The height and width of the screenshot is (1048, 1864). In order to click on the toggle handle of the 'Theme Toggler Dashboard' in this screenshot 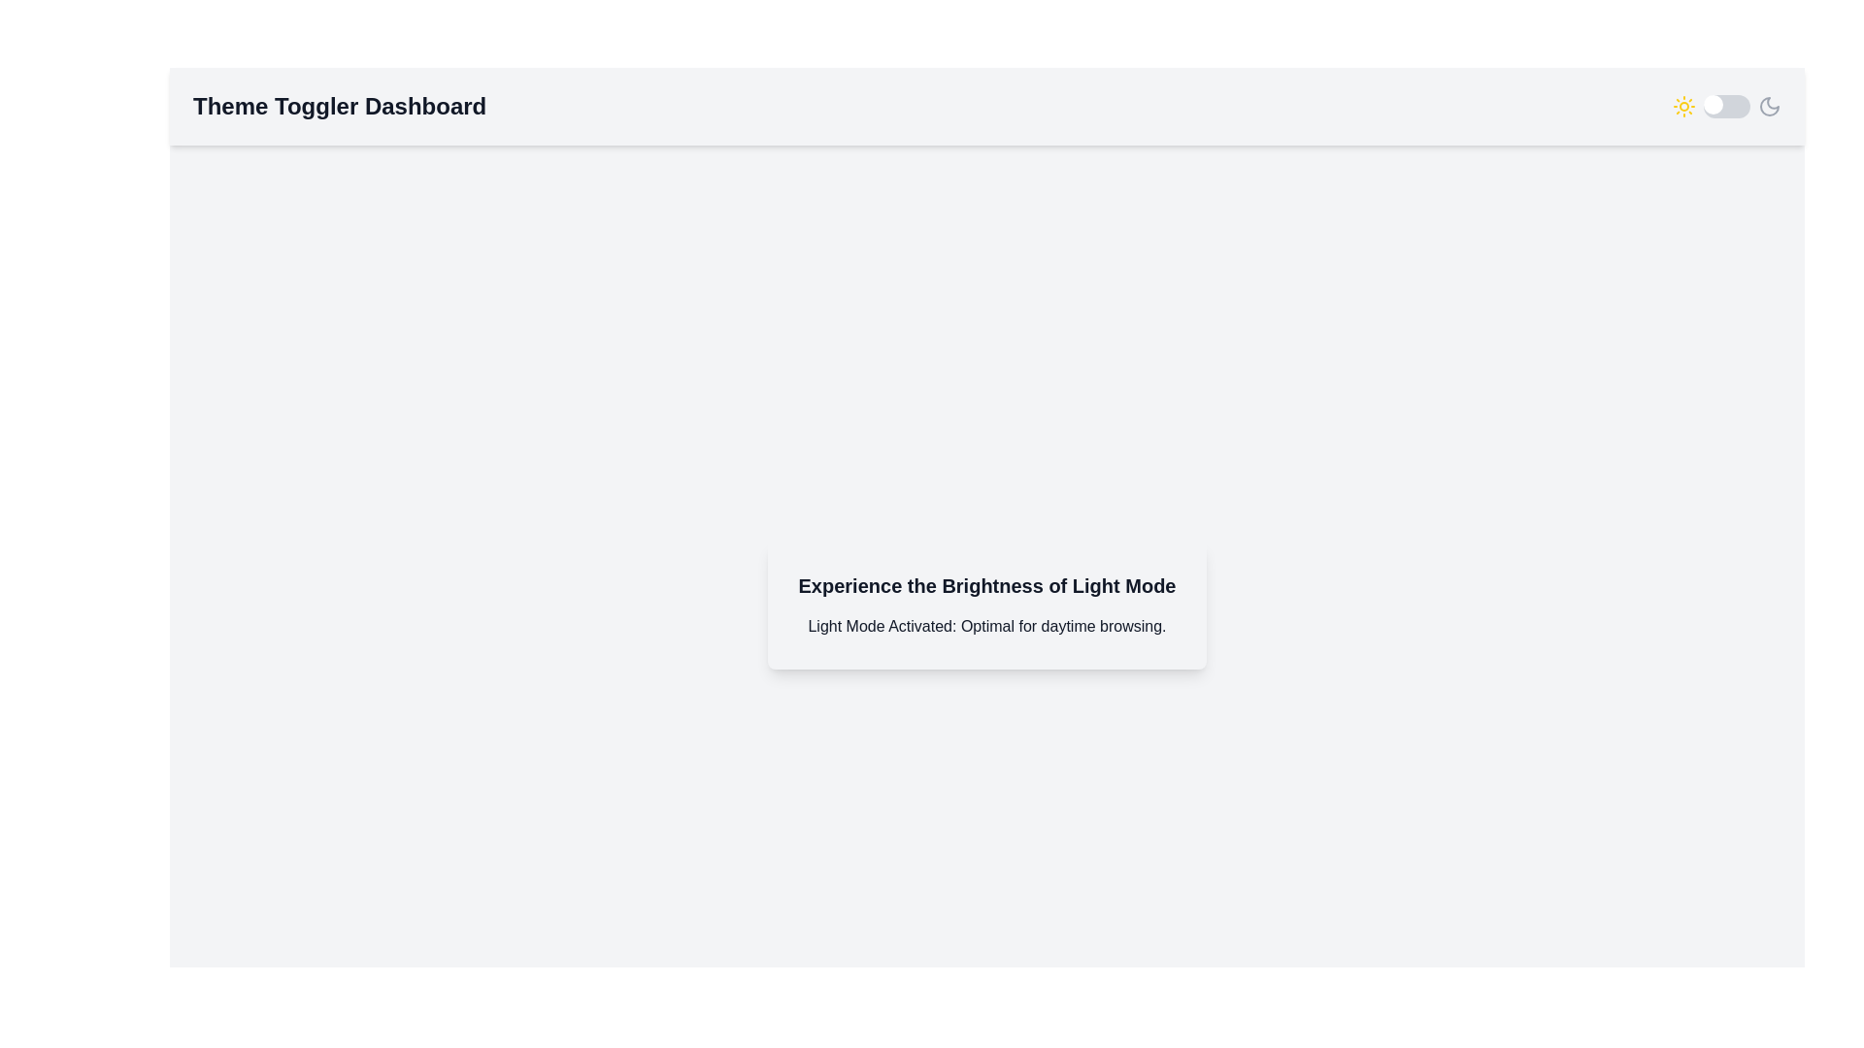, I will do `click(1727, 107)`.